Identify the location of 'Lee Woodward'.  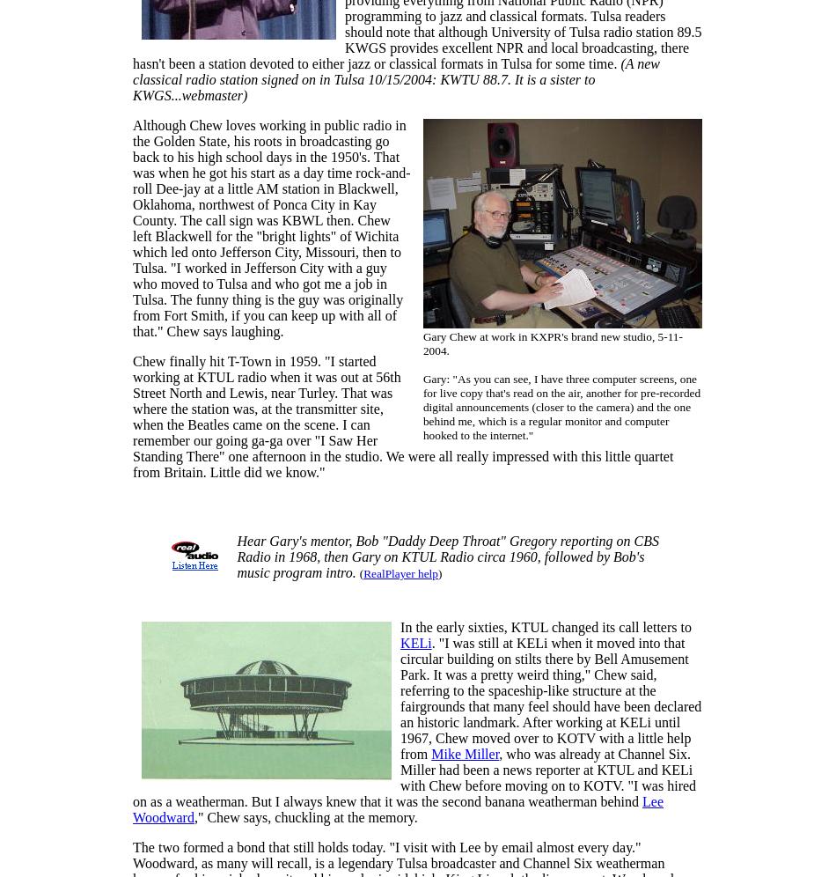
(397, 809).